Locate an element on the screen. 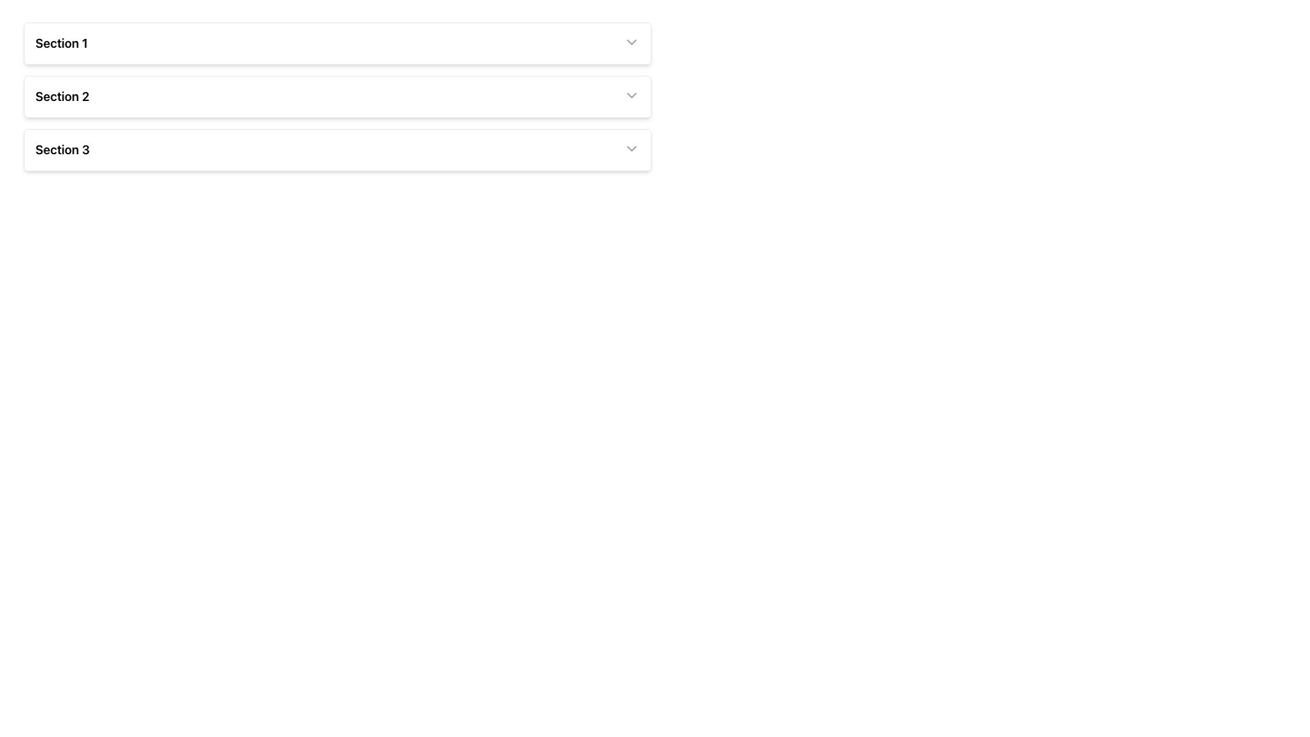 The width and height of the screenshot is (1310, 737). the icon located at the extreme right end of the header for 'Section 3' is located at coordinates (631, 149).